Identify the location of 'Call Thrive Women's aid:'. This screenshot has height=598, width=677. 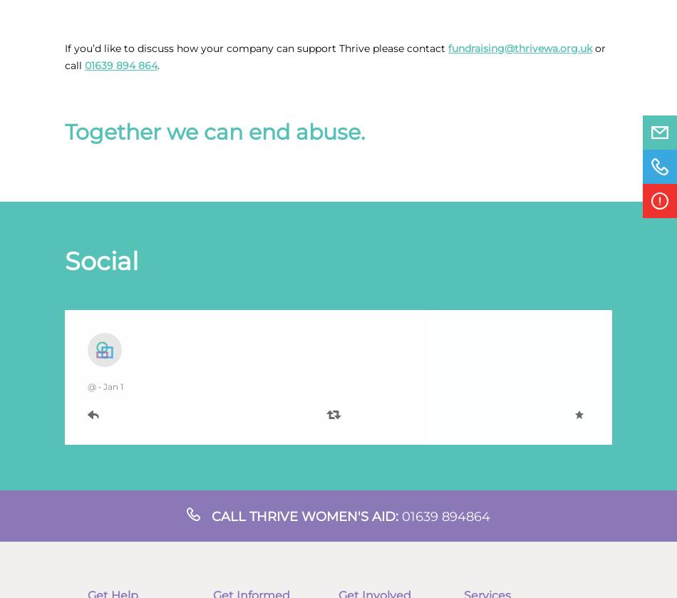
(306, 515).